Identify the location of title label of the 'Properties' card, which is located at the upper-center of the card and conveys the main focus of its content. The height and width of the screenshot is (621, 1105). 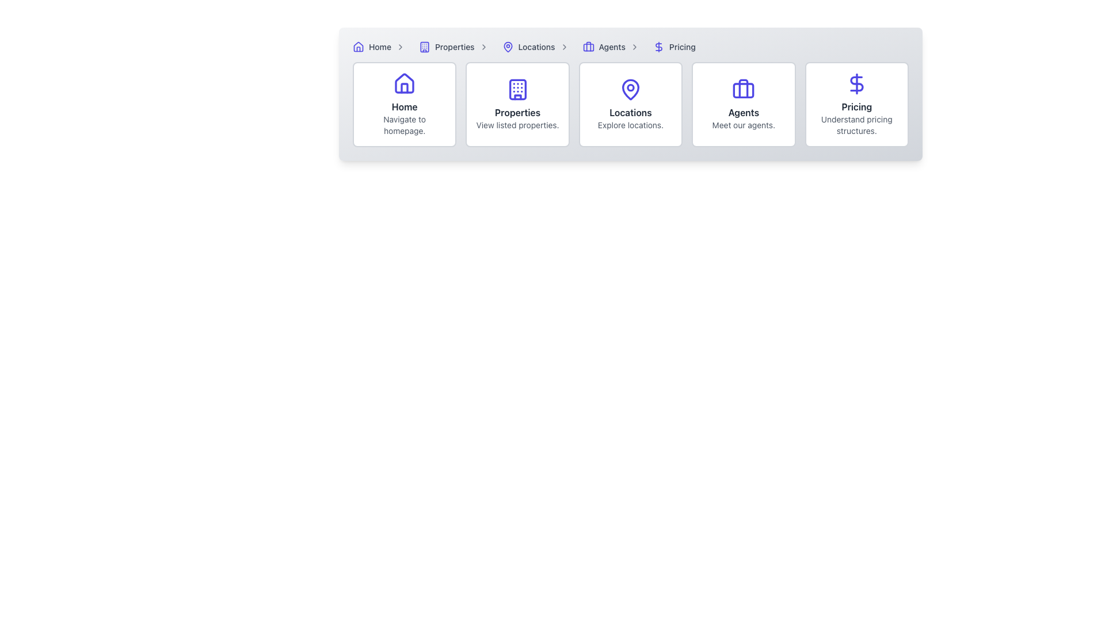
(517, 113).